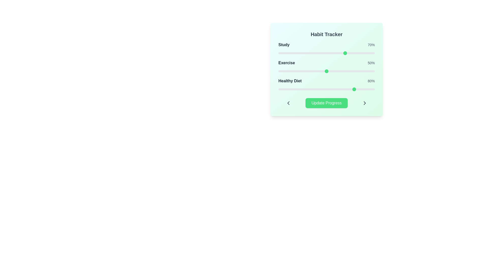 The width and height of the screenshot is (482, 271). What do you see at coordinates (365, 103) in the screenshot?
I see `the right chevron button` at bounding box center [365, 103].